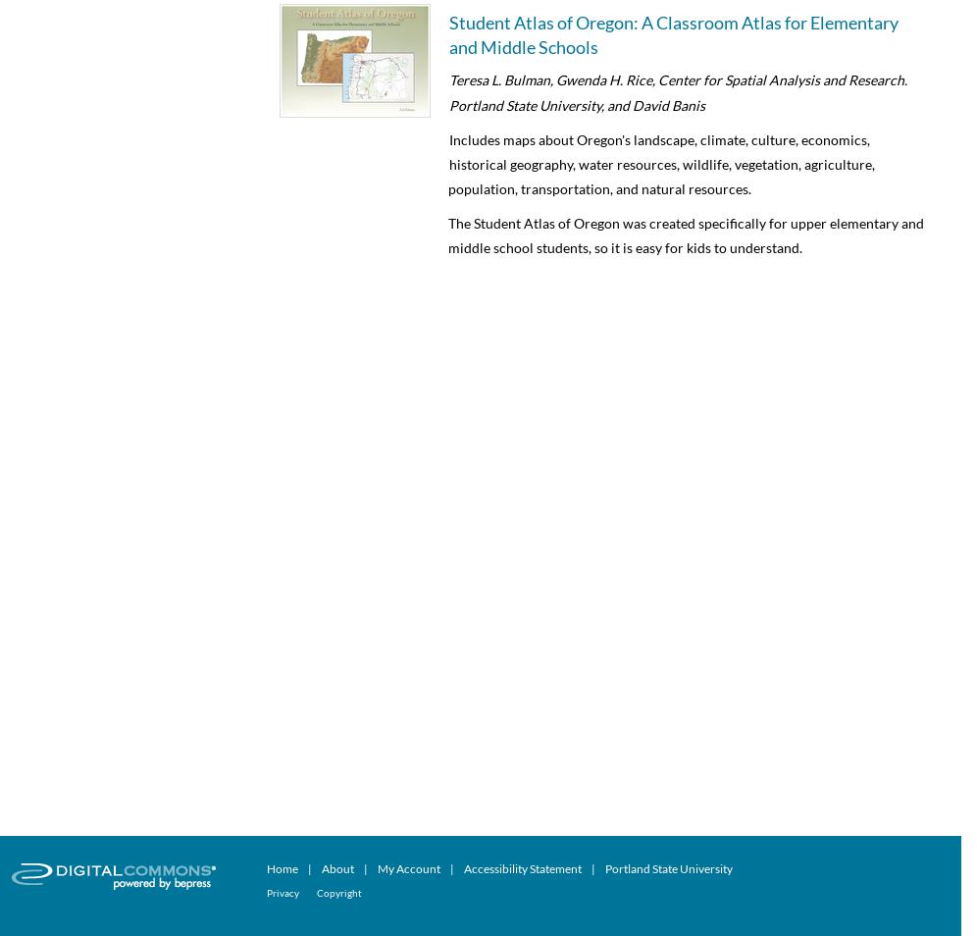  Describe the element at coordinates (267, 867) in the screenshot. I see `'Home'` at that location.